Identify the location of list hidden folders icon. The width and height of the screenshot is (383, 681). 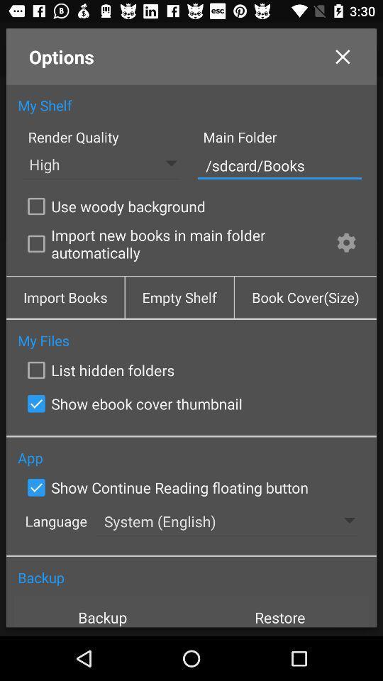
(97, 370).